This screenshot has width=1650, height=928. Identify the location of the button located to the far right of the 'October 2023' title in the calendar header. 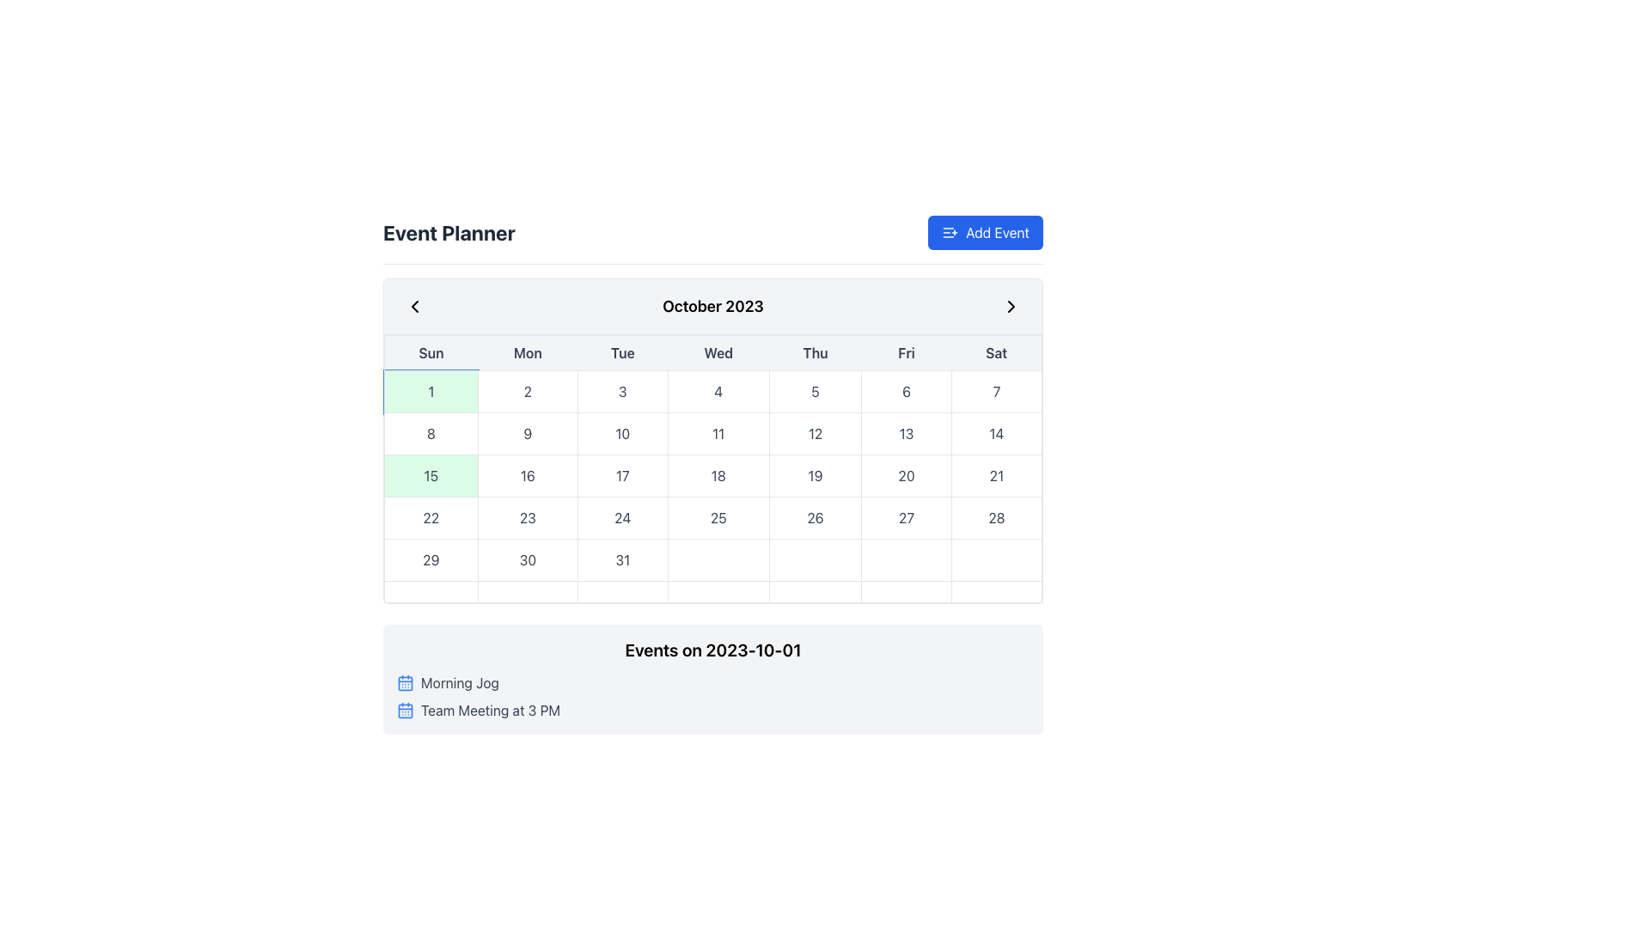
(1011, 306).